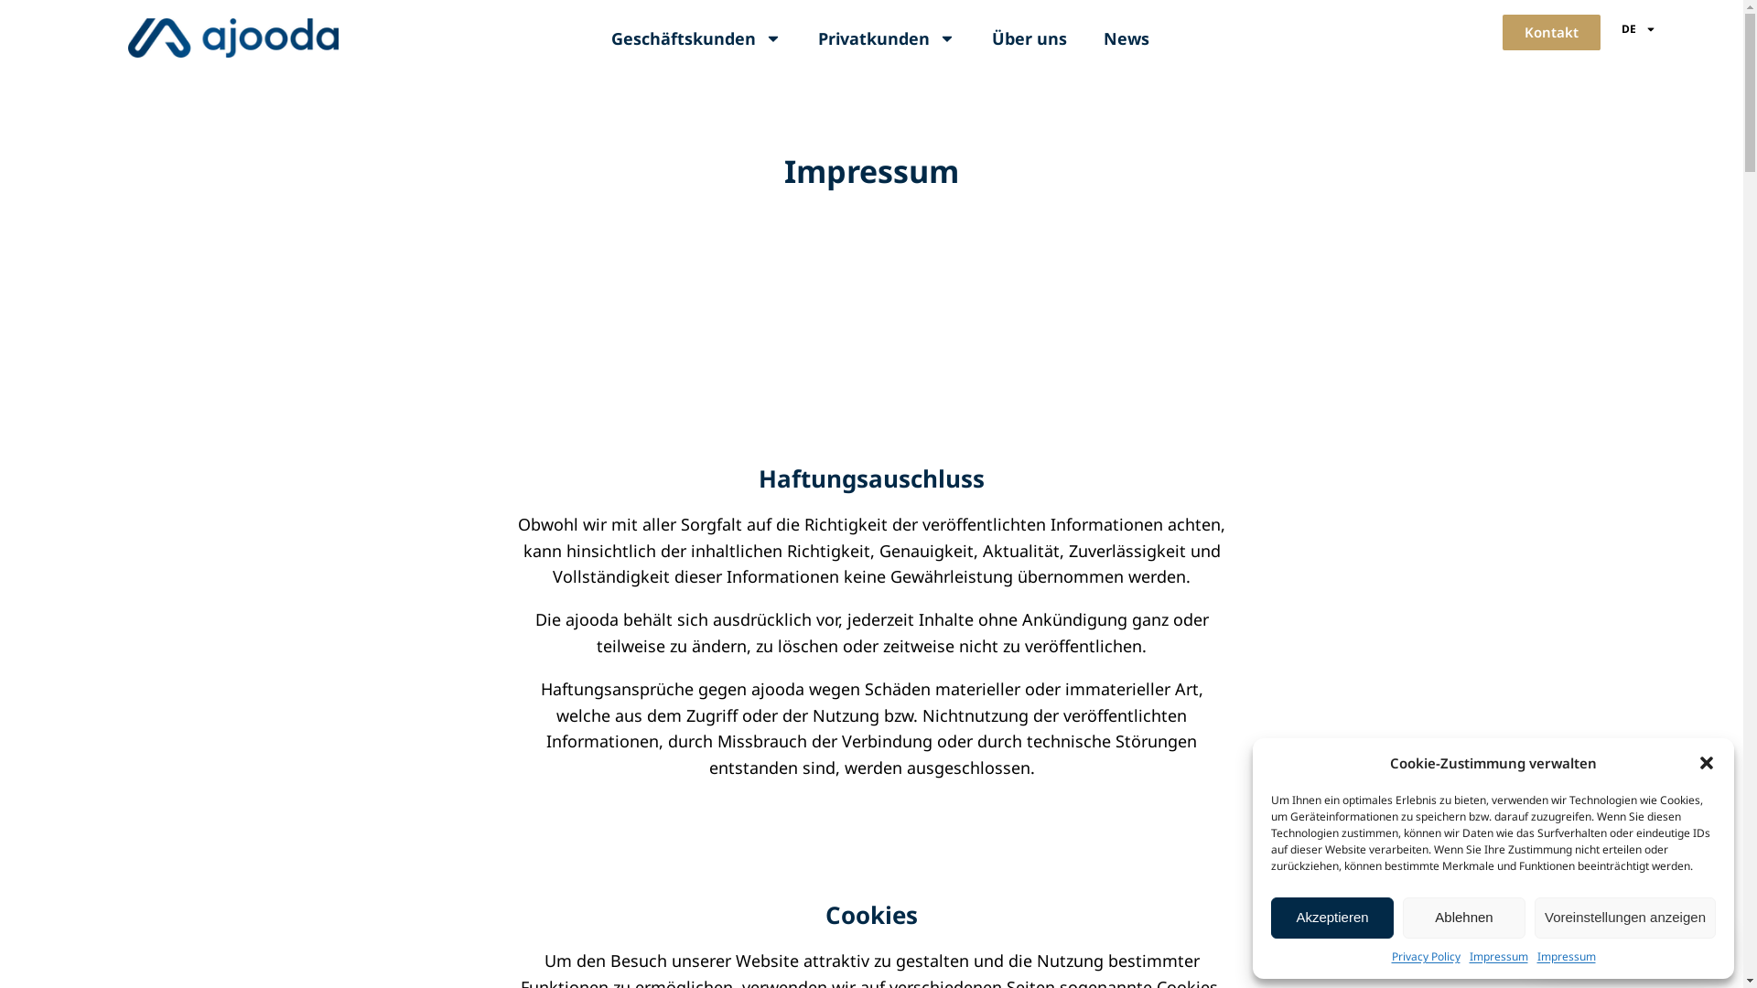 The height and width of the screenshot is (988, 1757). What do you see at coordinates (1331, 918) in the screenshot?
I see `'Akzeptieren'` at bounding box center [1331, 918].